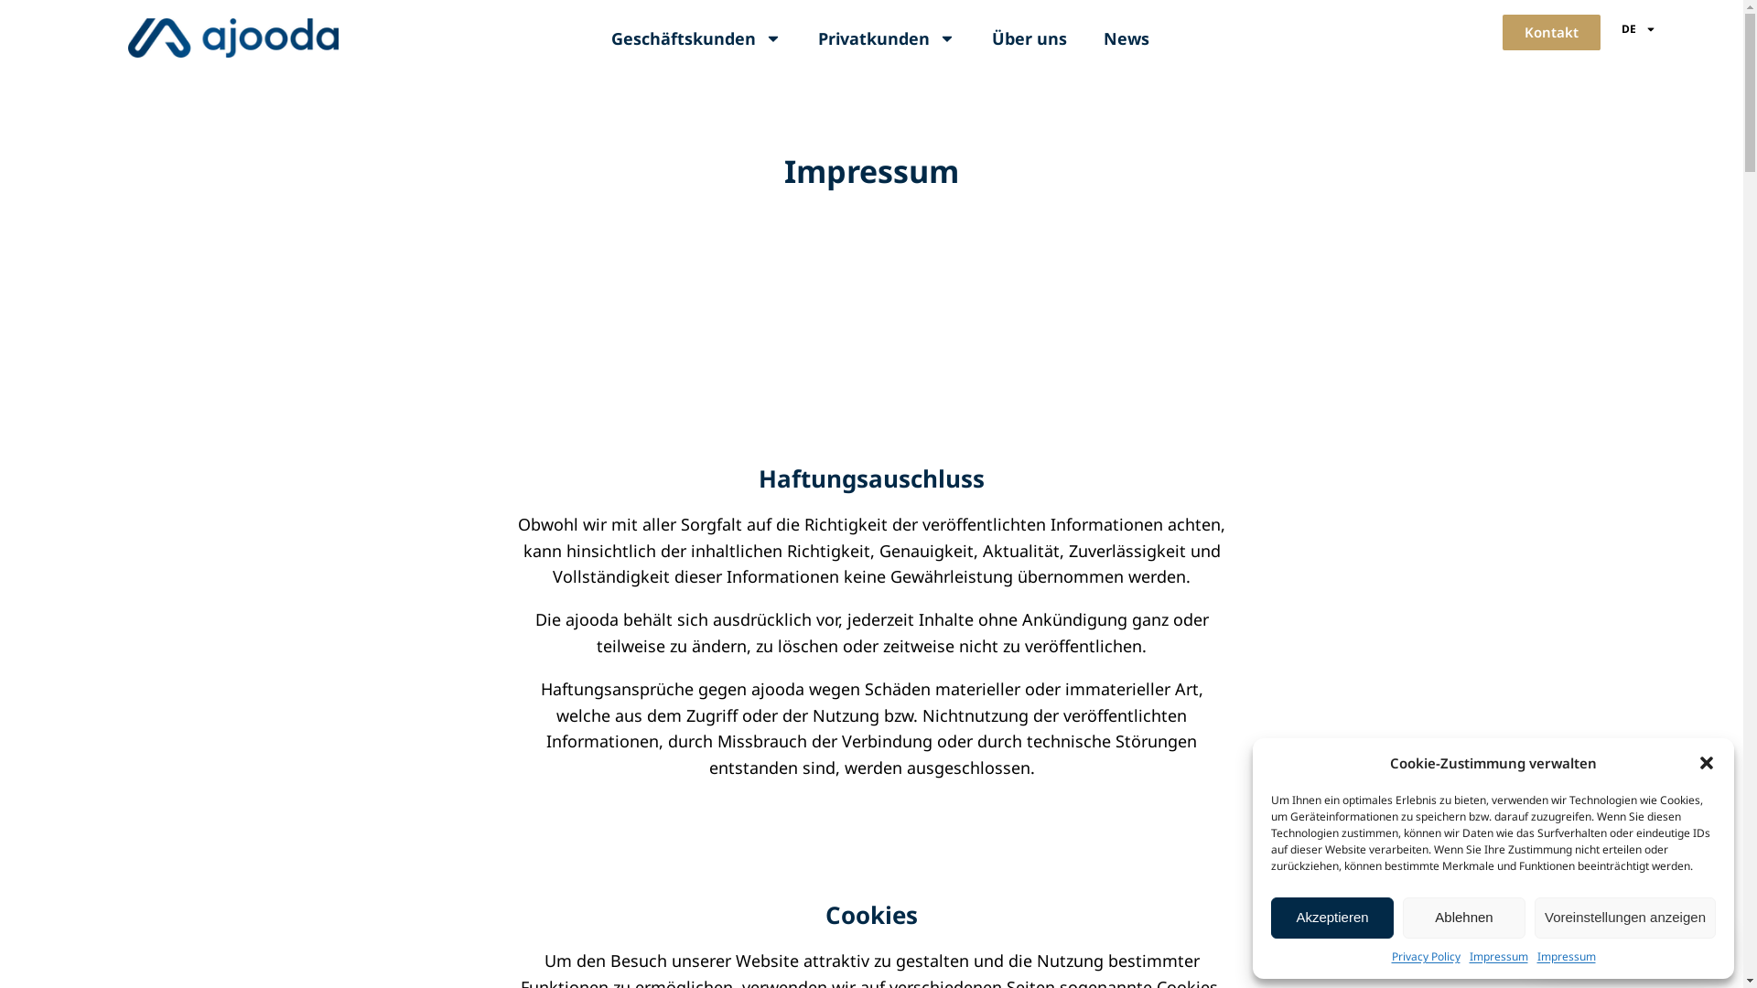 The height and width of the screenshot is (988, 1757). What do you see at coordinates (1331, 918) in the screenshot?
I see `'Akzeptieren'` at bounding box center [1331, 918].